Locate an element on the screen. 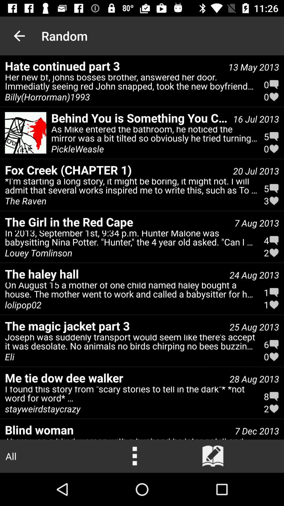 Image resolution: width=284 pixels, height=506 pixels. the icon below the the magic jacket icon is located at coordinates (9, 357).